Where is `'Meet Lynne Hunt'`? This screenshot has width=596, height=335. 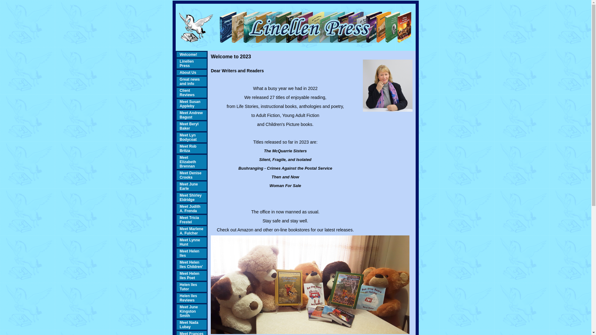
'Meet Lynne Hunt' is located at coordinates (179, 242).